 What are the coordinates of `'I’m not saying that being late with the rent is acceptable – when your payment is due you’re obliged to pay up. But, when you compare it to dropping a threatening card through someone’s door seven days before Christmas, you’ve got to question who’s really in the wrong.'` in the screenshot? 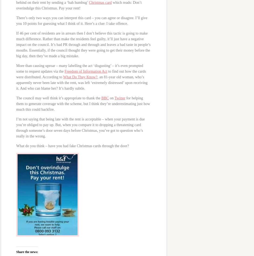 It's located at (16, 127).